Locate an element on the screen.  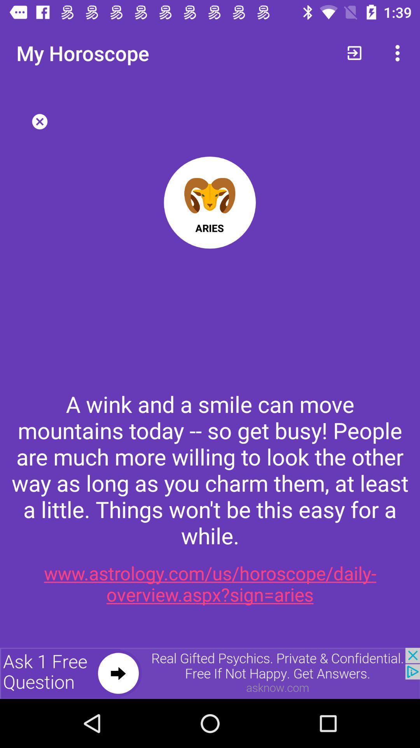
option is located at coordinates (40, 121).